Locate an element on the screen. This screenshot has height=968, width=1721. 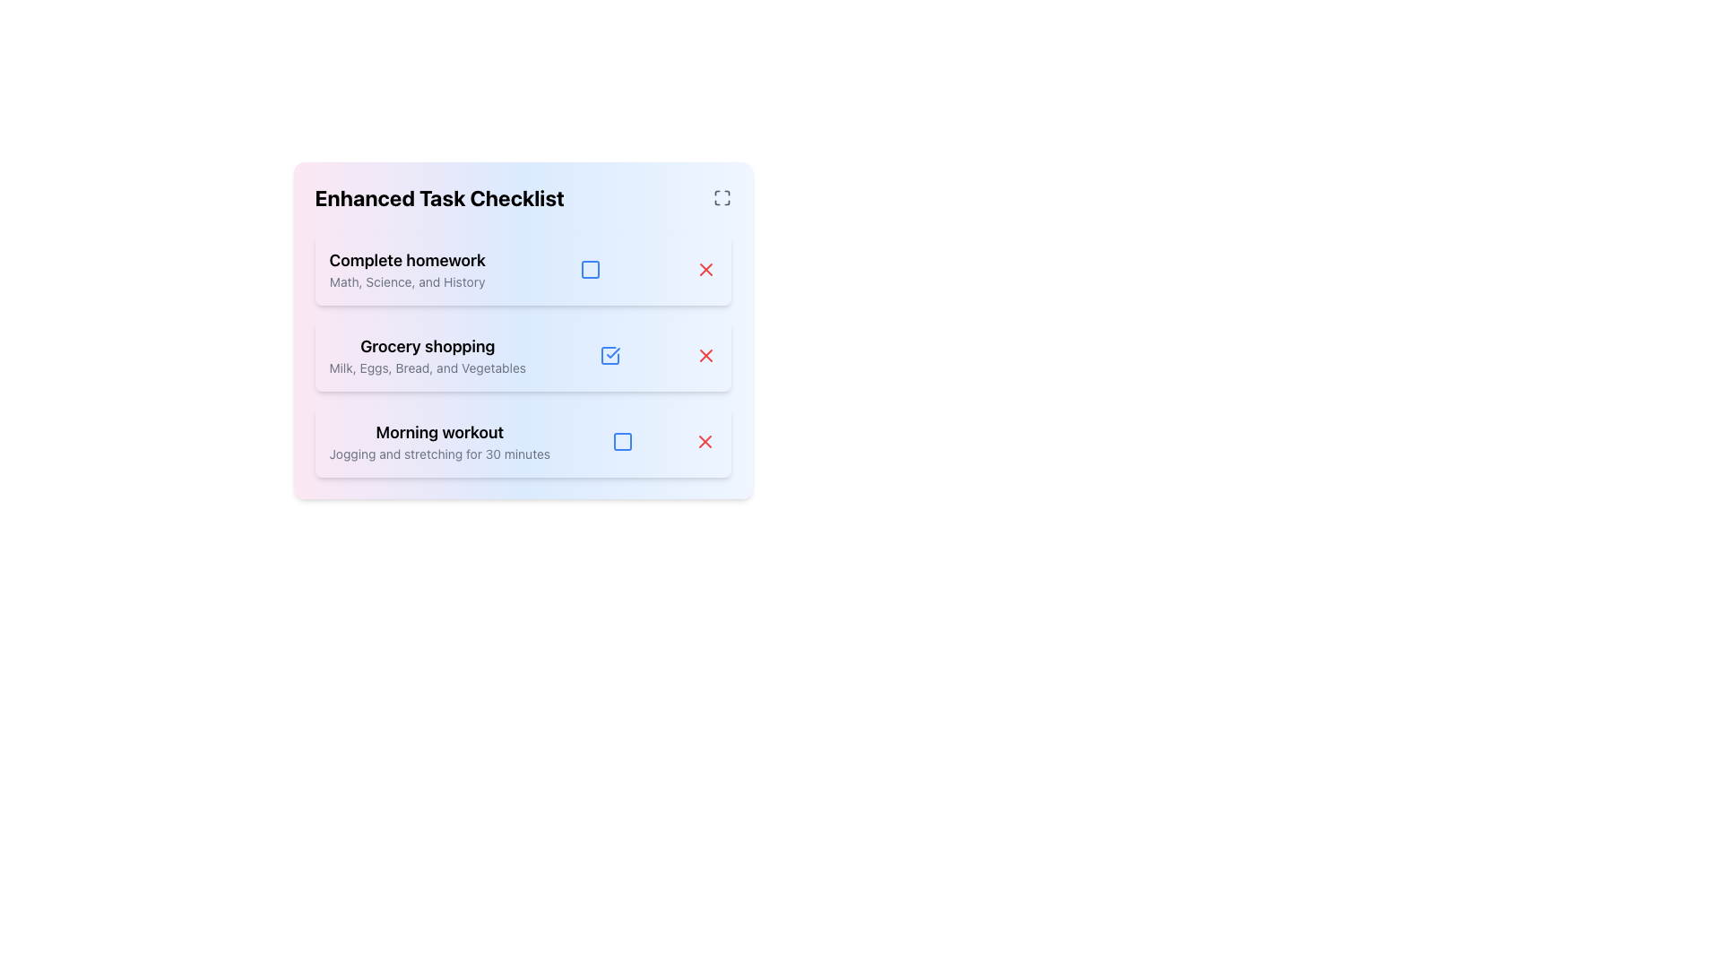
the circular red 'X' icon button is located at coordinates (705, 442).